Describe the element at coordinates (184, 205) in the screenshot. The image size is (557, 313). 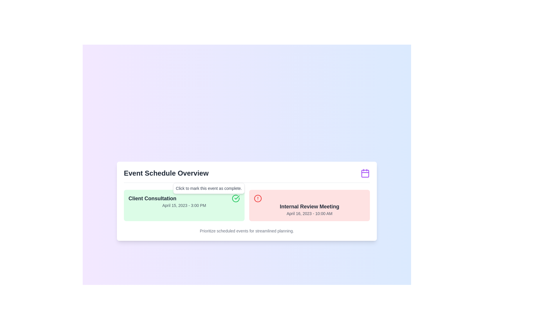
I see `the label displaying the text 'April 15, 2023 - 3:00 PM', which is located within a green background card below the 'Client Consultation' label` at that location.